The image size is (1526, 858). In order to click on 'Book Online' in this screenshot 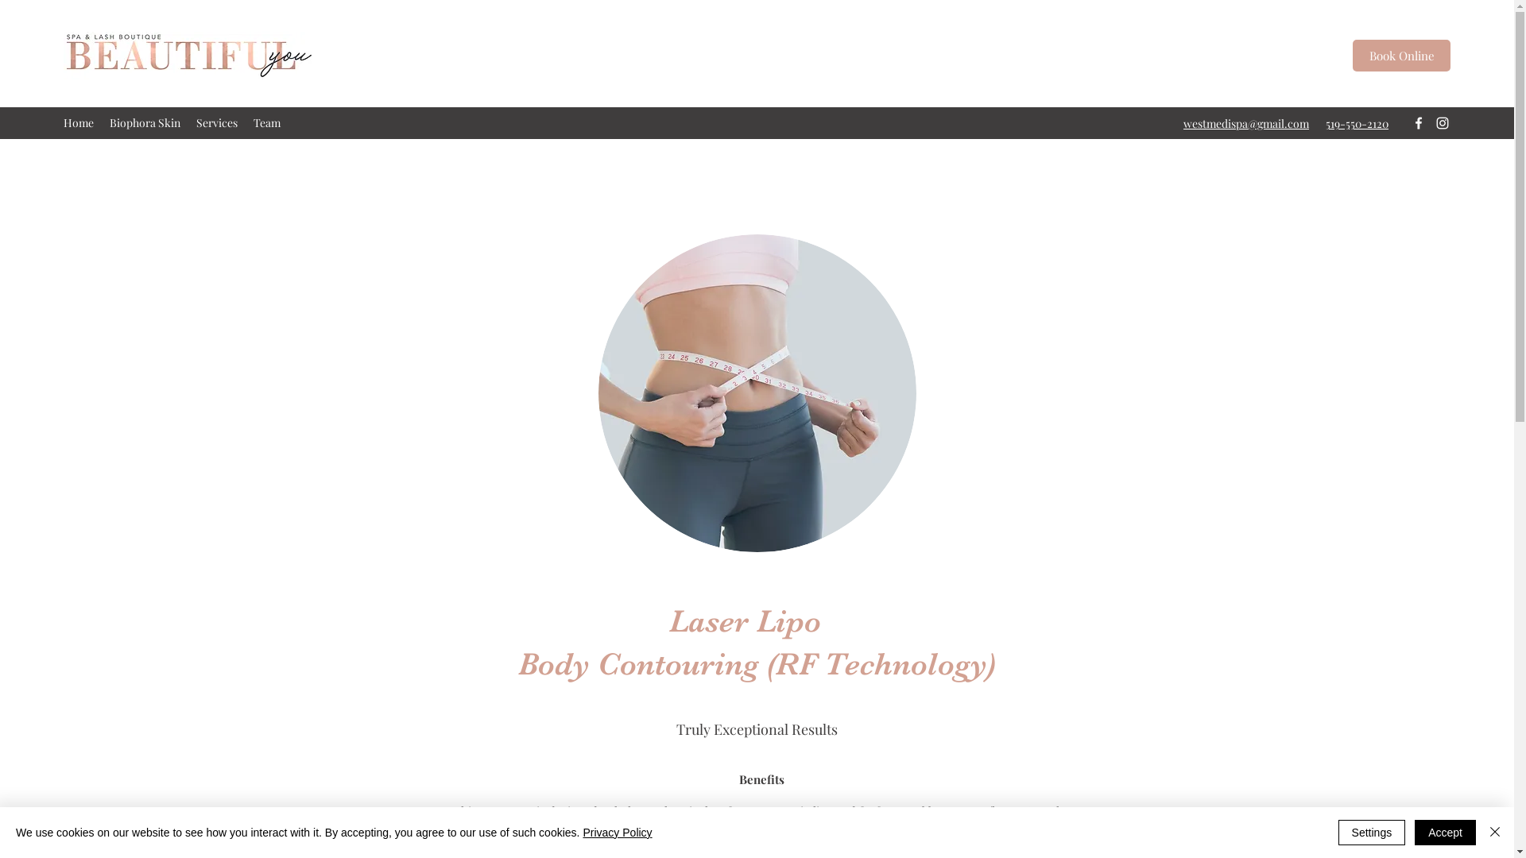, I will do `click(1401, 54)`.